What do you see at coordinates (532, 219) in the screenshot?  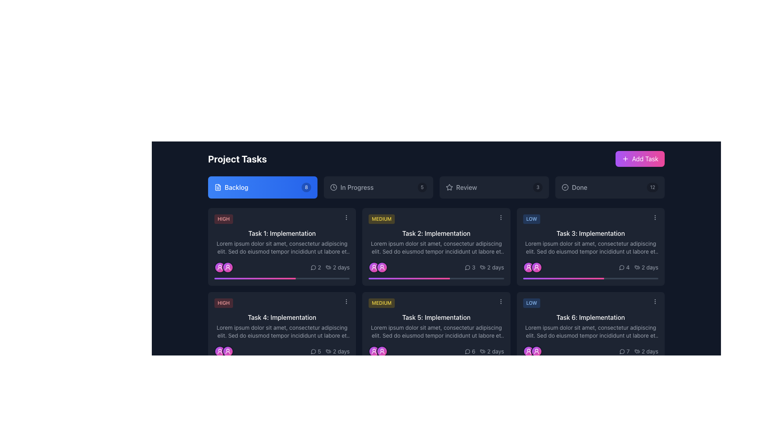 I see `text 'LOW' from the small rectangular label with a blue background and rounded edges, positioned at the top left within the 'Task 3: Implementation' card` at bounding box center [532, 219].